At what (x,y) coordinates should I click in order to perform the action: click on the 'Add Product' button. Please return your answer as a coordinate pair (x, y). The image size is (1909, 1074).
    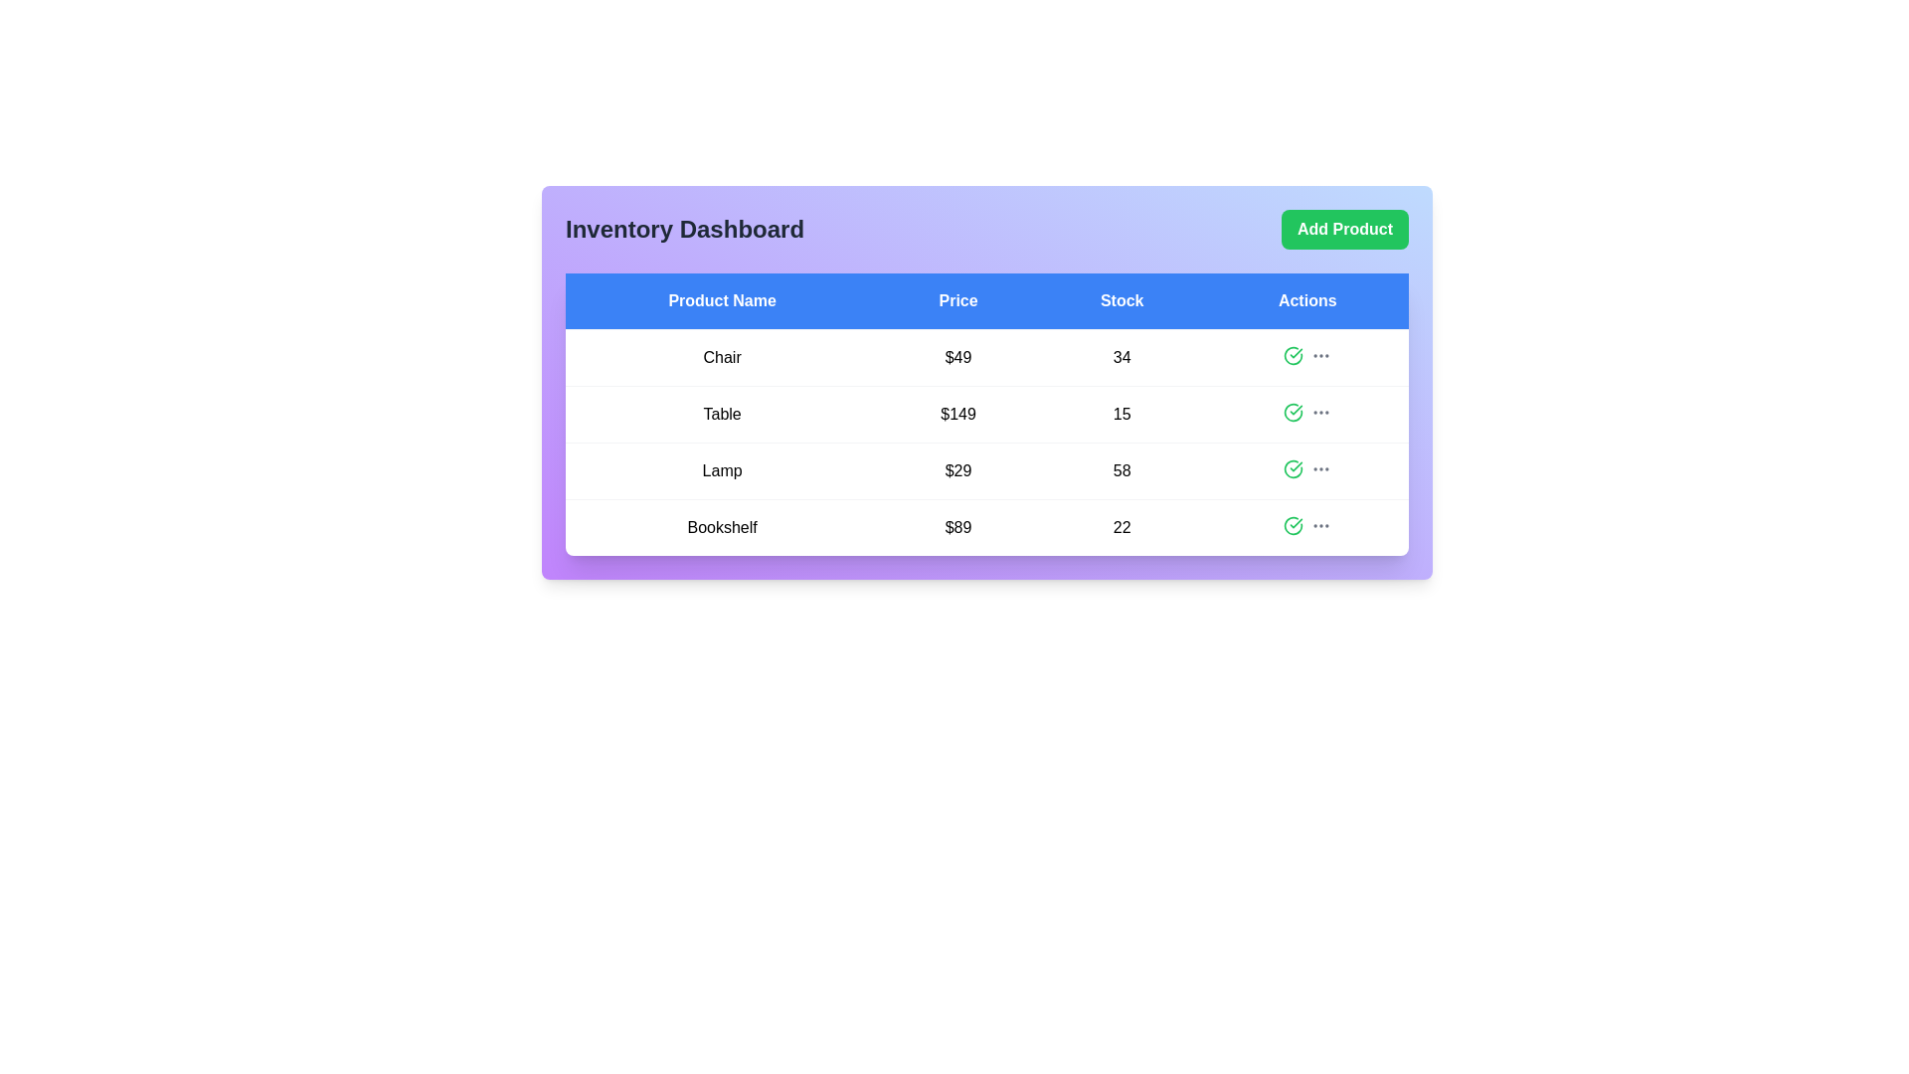
    Looking at the image, I should click on (1345, 229).